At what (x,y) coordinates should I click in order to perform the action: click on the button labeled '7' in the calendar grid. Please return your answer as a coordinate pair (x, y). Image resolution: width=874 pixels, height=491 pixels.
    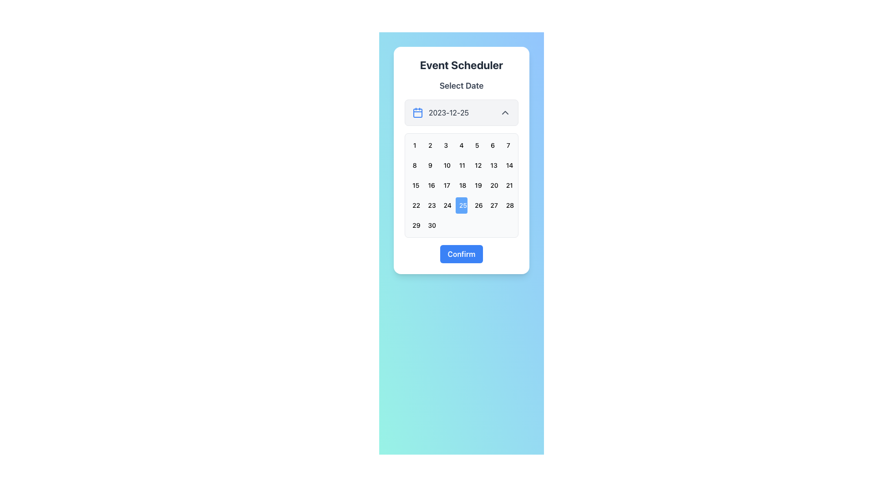
    Looking at the image, I should click on (508, 145).